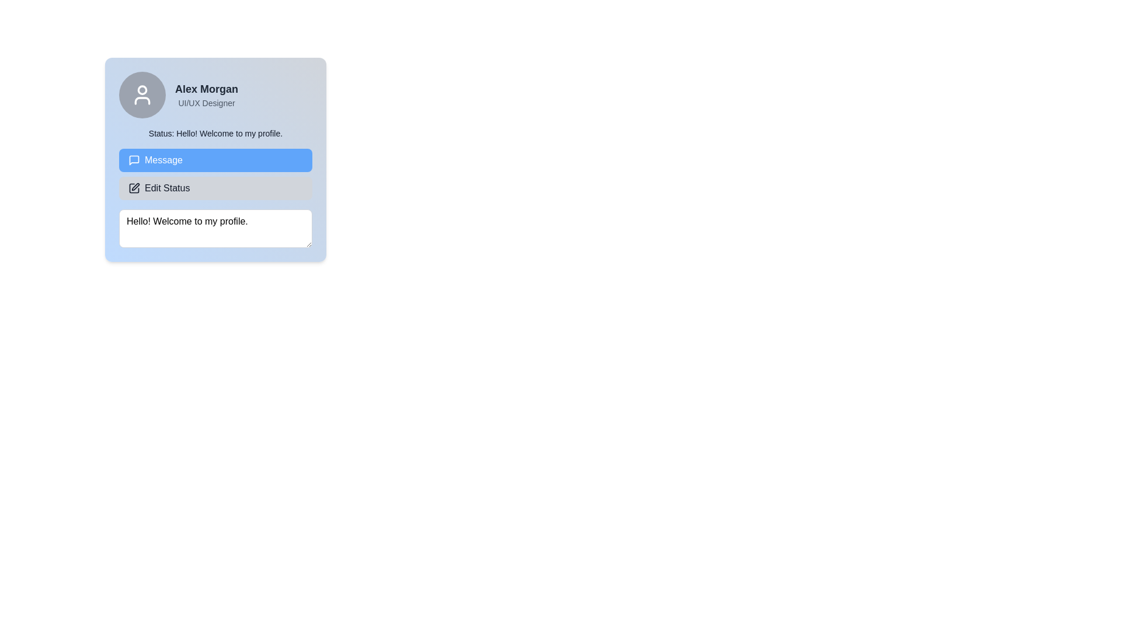  Describe the element at coordinates (142, 94) in the screenshot. I see `the user avatar icon, which is depicted with a circular outline and a simplified user figure in white, located within a gray circular background near the top-left of the user interface card` at that location.